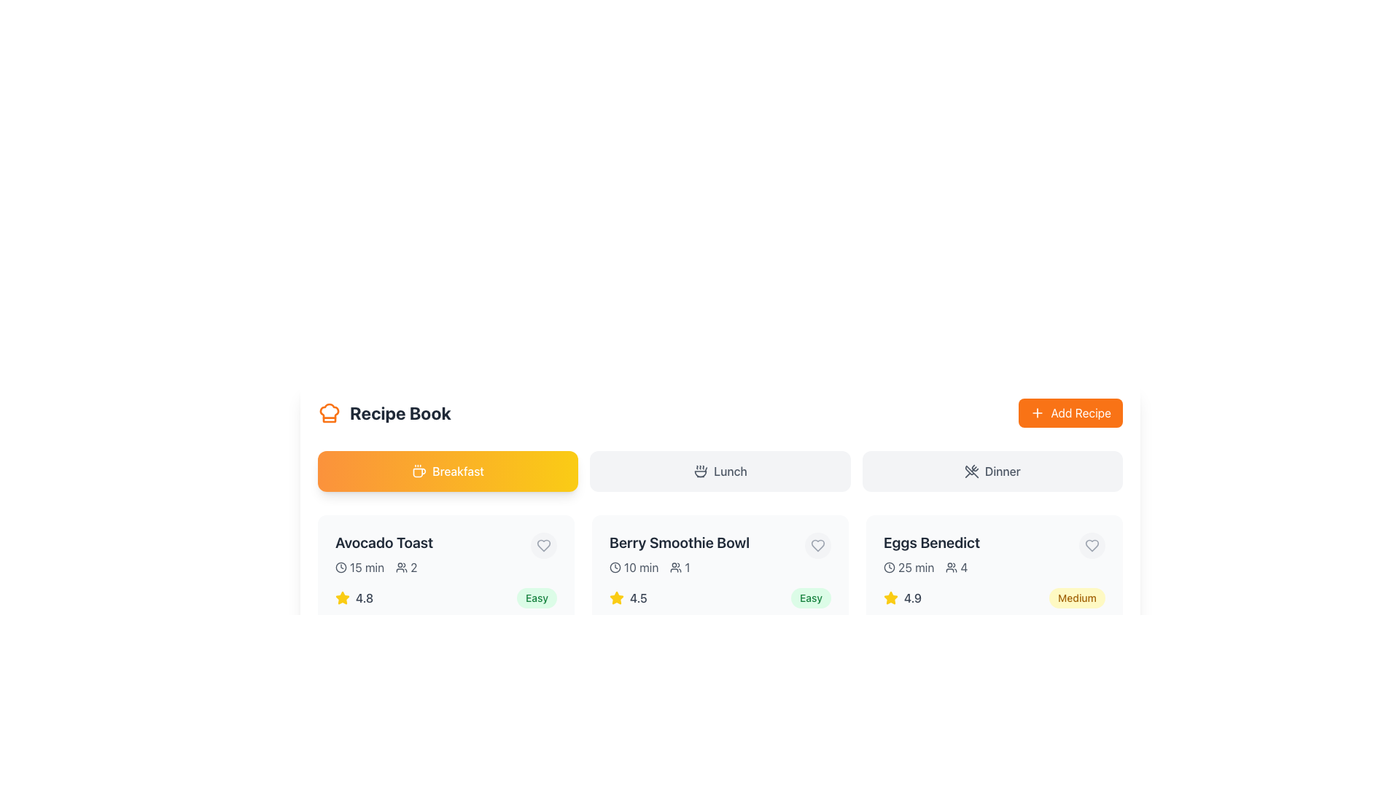 The width and height of the screenshot is (1400, 787). Describe the element at coordinates (915, 567) in the screenshot. I see `the text label displaying the preparation or cooking time for the recipe 'Eggs Benedict', located beneath its title in the dinner section of the card layout` at that location.